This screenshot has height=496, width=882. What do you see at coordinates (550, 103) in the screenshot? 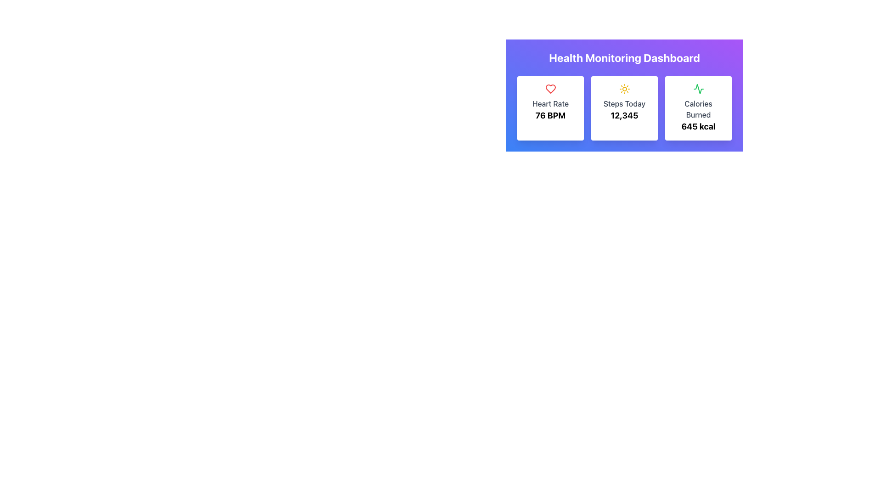
I see `the Text Label that identifies heart rate measurements, positioned below a red heart icon and above '76 BPM.'` at bounding box center [550, 103].